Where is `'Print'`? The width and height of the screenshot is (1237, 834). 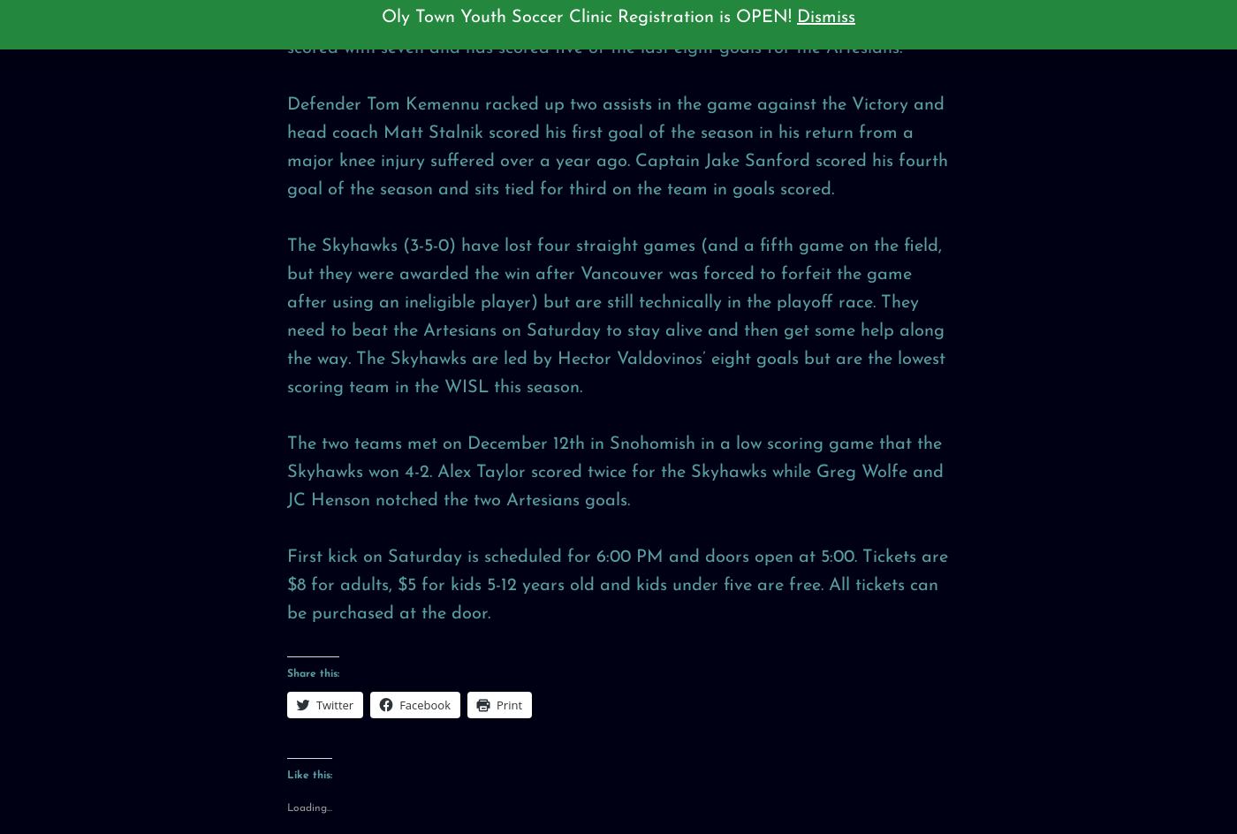 'Print' is located at coordinates (509, 703).